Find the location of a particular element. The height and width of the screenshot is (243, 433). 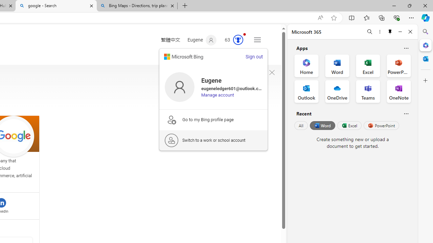

'Eugene' is located at coordinates (202, 40).